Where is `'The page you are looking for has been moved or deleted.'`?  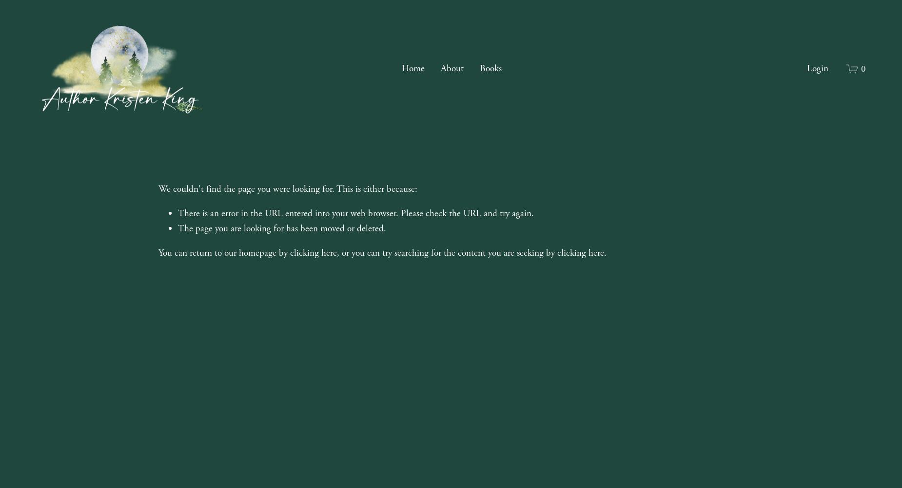 'The page you are looking for has been moved or deleted.' is located at coordinates (282, 227).